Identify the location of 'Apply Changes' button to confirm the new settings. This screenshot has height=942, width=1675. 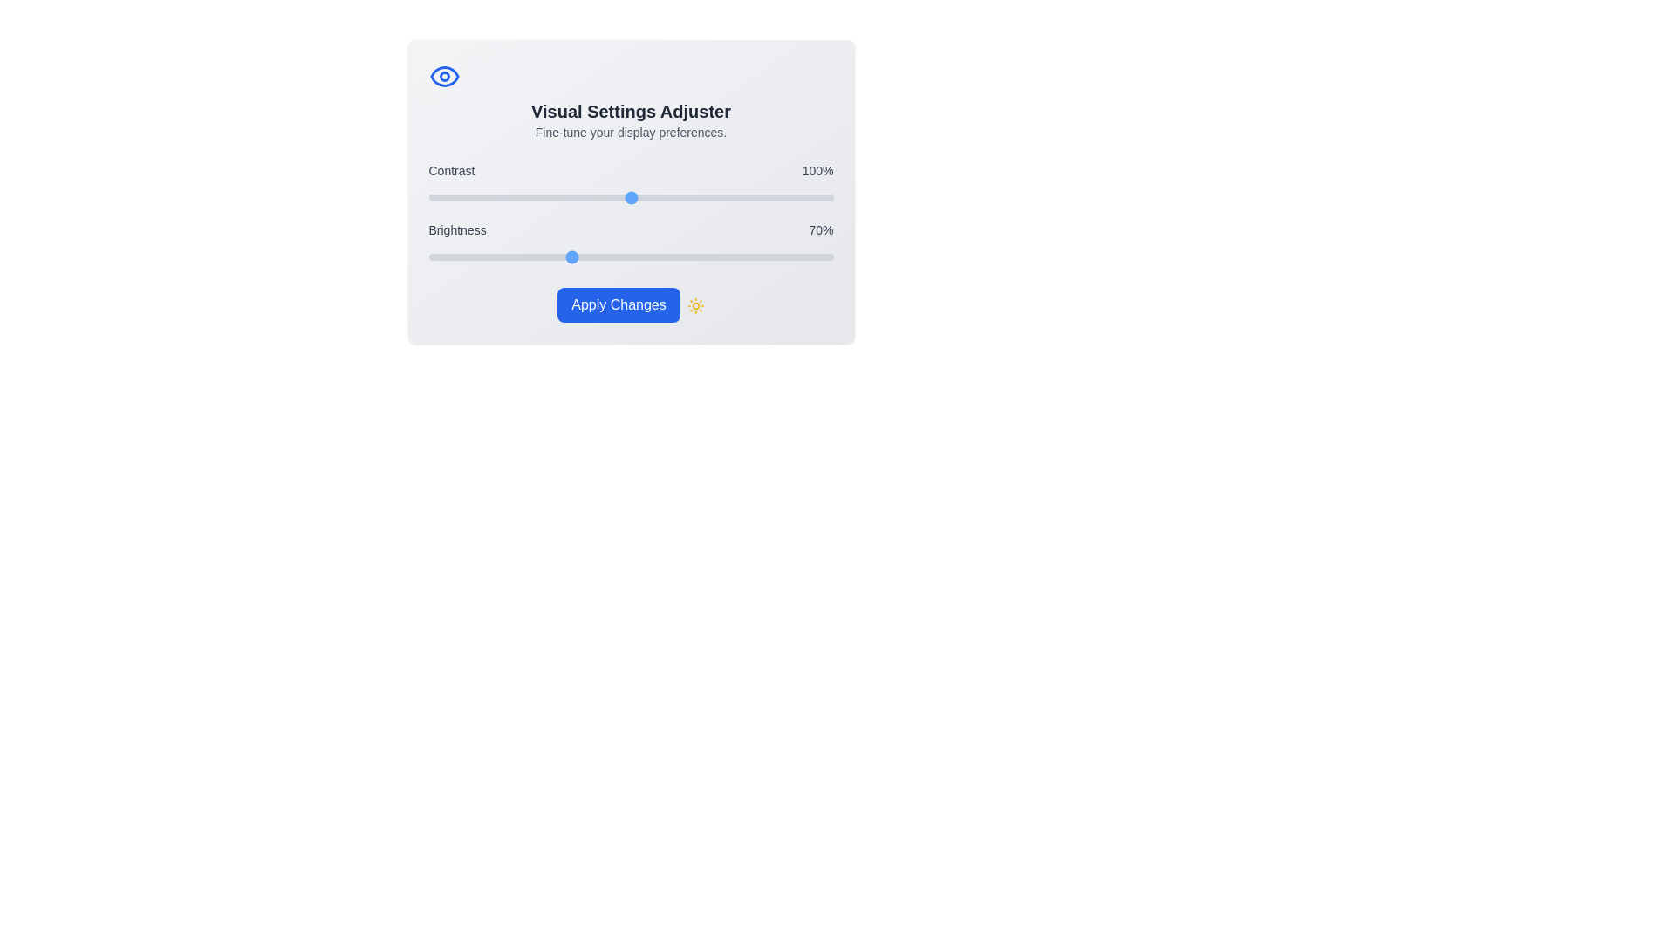
(619, 304).